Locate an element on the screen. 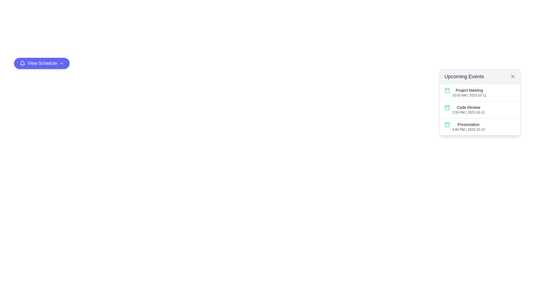 The height and width of the screenshot is (303, 539). the 'Code Review' event item in the Upcoming Events list is located at coordinates (479, 109).